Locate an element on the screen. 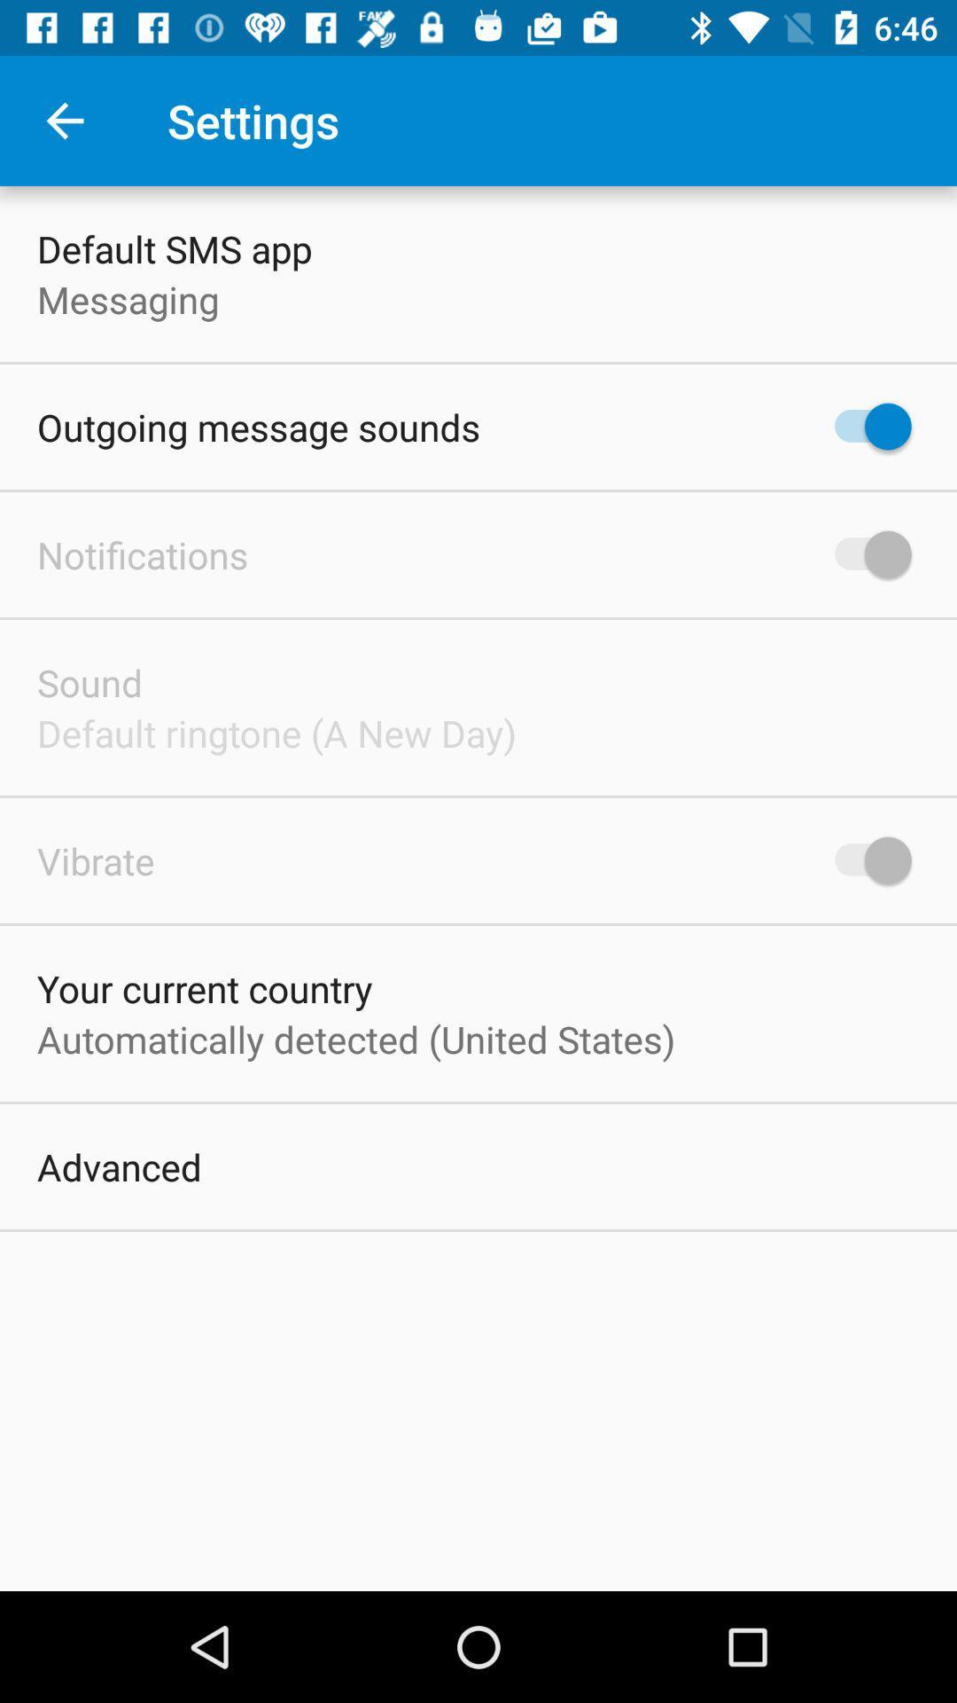 The width and height of the screenshot is (957, 1703). icon above the automatically detected united icon is located at coordinates (204, 987).